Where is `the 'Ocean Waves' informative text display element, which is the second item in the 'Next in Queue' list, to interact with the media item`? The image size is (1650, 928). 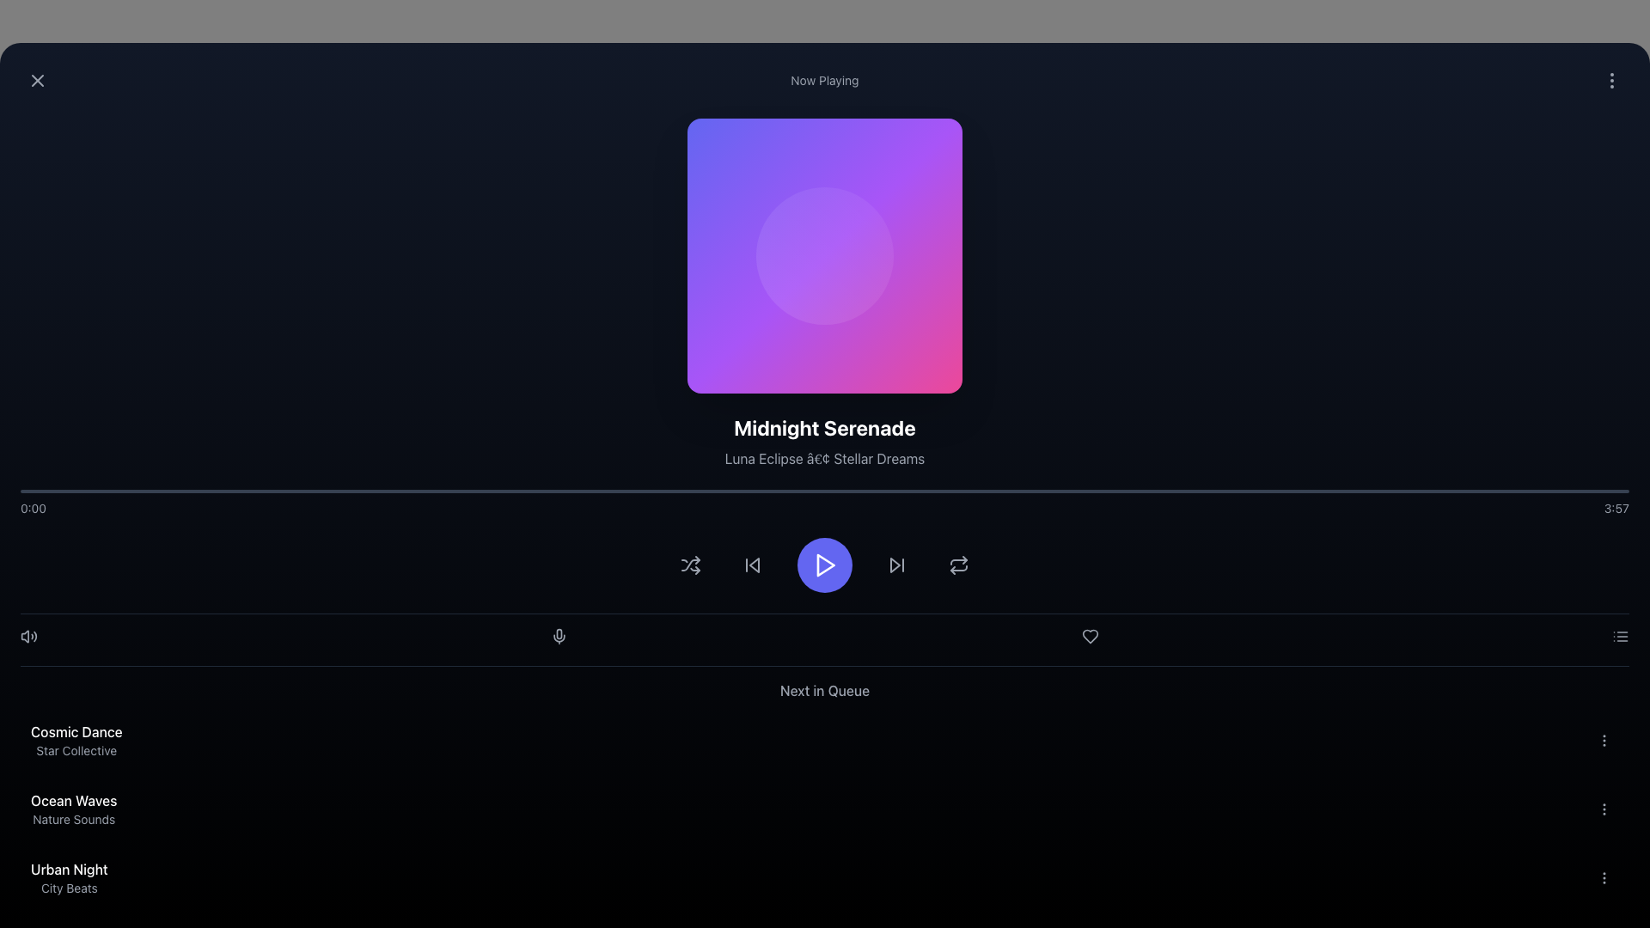
the 'Ocean Waves' informative text display element, which is the second item in the 'Next in Queue' list, to interact with the media item is located at coordinates (73, 809).